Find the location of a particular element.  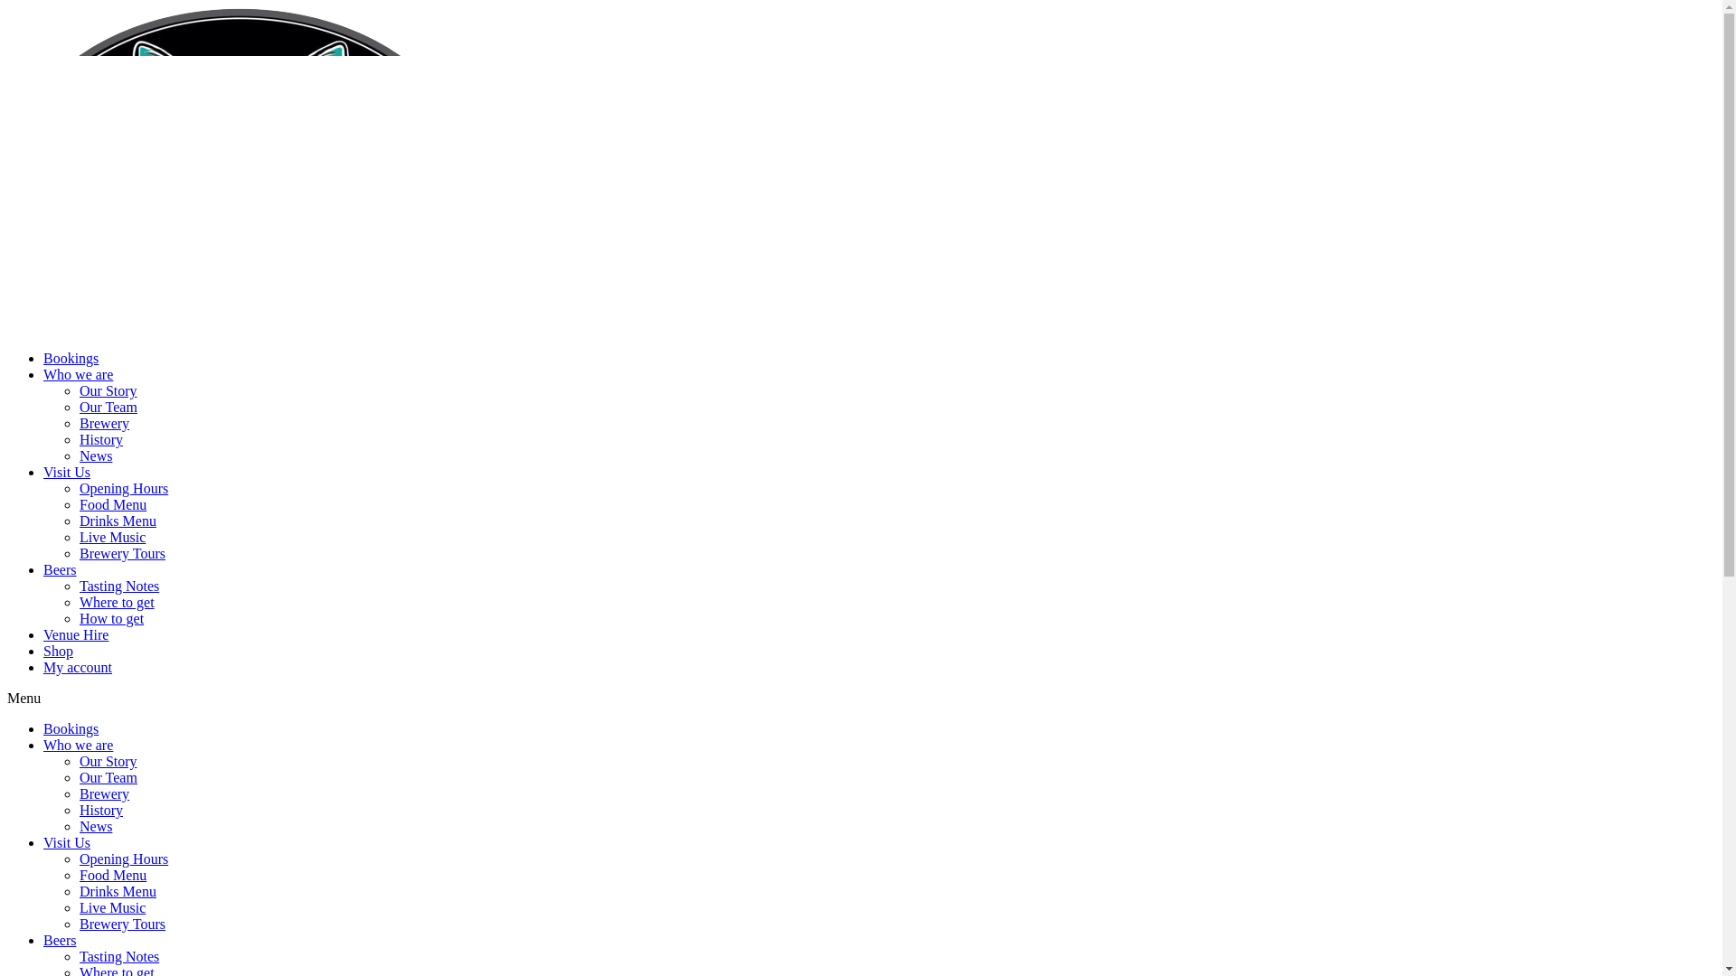

'Our Story' is located at coordinates (108, 389).